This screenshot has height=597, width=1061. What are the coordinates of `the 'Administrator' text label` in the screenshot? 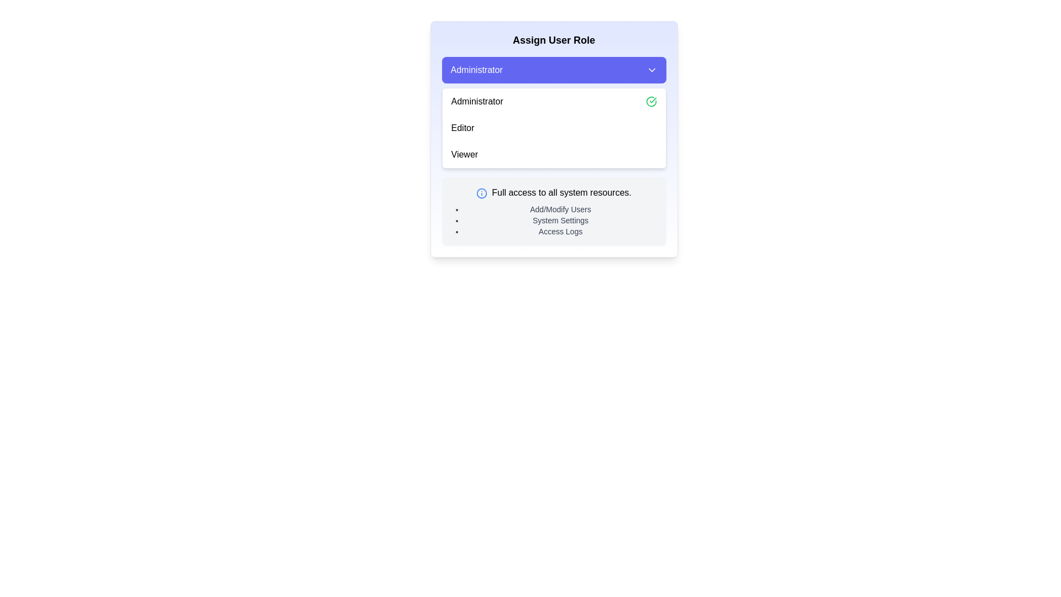 It's located at (477, 102).